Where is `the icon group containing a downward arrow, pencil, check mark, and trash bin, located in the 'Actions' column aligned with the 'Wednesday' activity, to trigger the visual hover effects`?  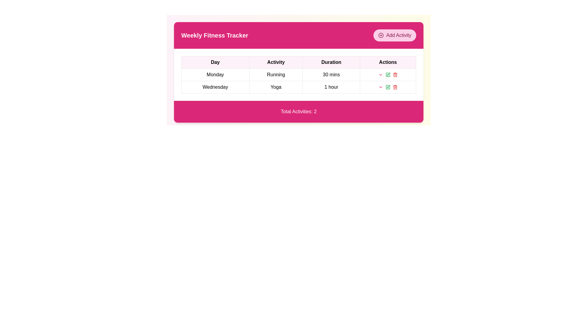
the icon group containing a downward arrow, pencil, check mark, and trash bin, located in the 'Actions' column aligned with the 'Wednesday' activity, to trigger the visual hover effects is located at coordinates (387, 87).